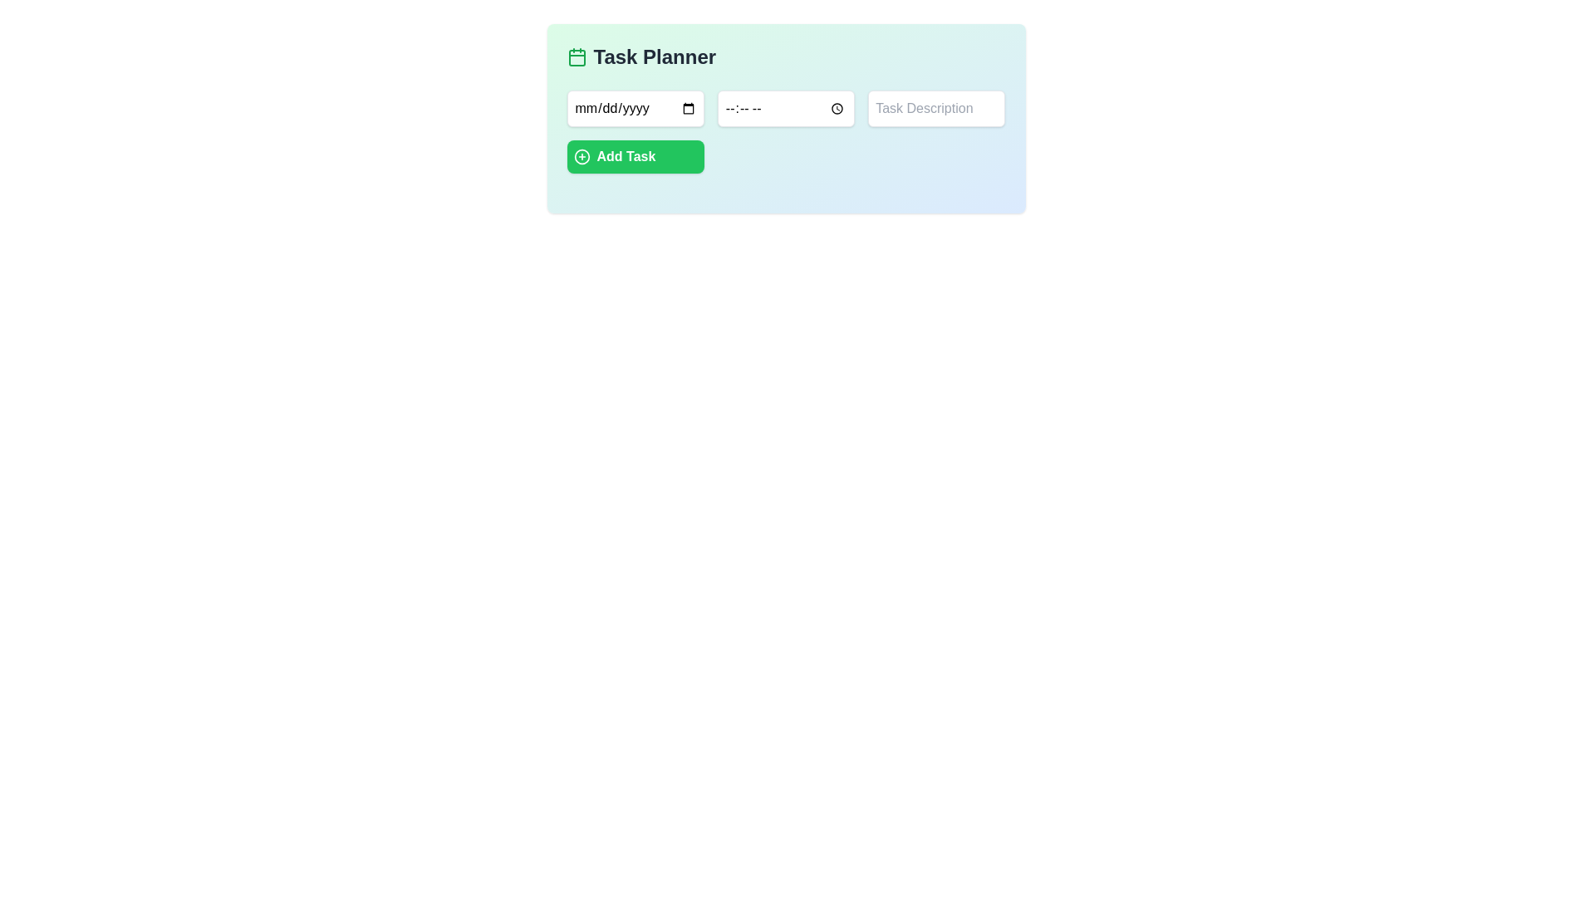 This screenshot has height=897, width=1595. I want to click on the calendar icon located to the left of the 'Task Planner' text in the UI, so click(577, 56).